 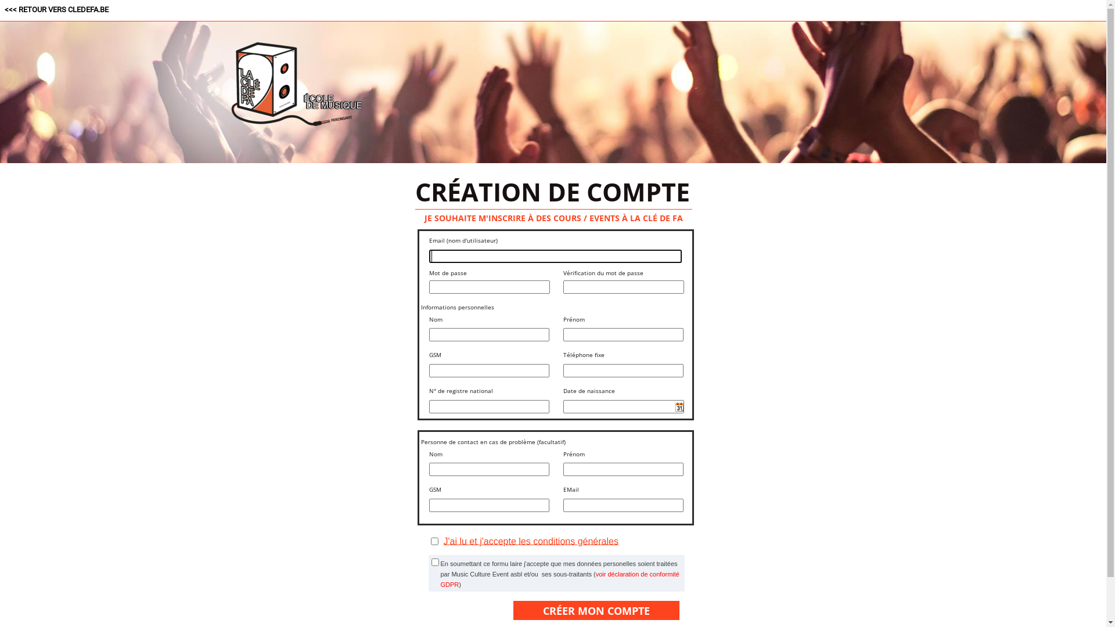 What do you see at coordinates (56, 9) in the screenshot?
I see `'<<< RETOUR VERS CLEDEFA.BE'` at bounding box center [56, 9].